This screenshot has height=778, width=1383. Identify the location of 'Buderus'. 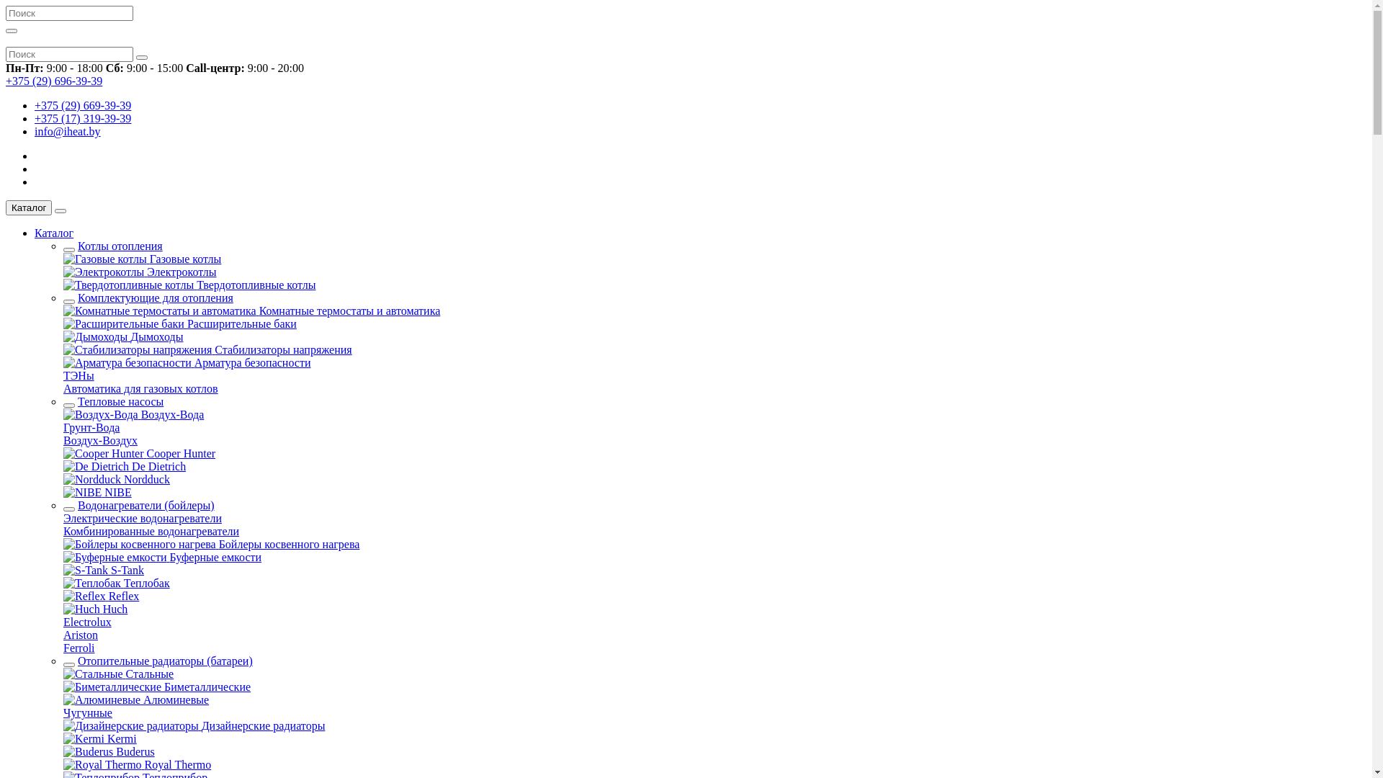
(62, 751).